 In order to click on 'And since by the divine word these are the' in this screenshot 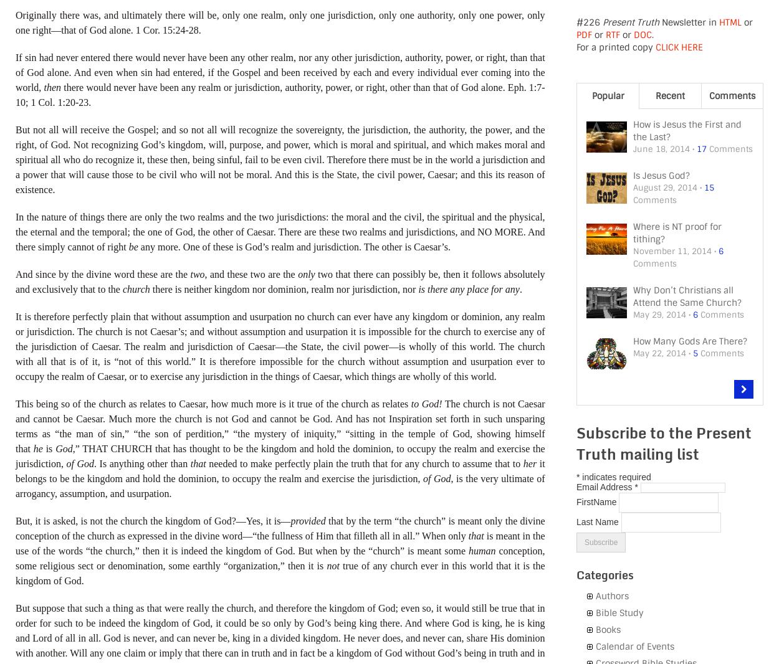, I will do `click(103, 273)`.